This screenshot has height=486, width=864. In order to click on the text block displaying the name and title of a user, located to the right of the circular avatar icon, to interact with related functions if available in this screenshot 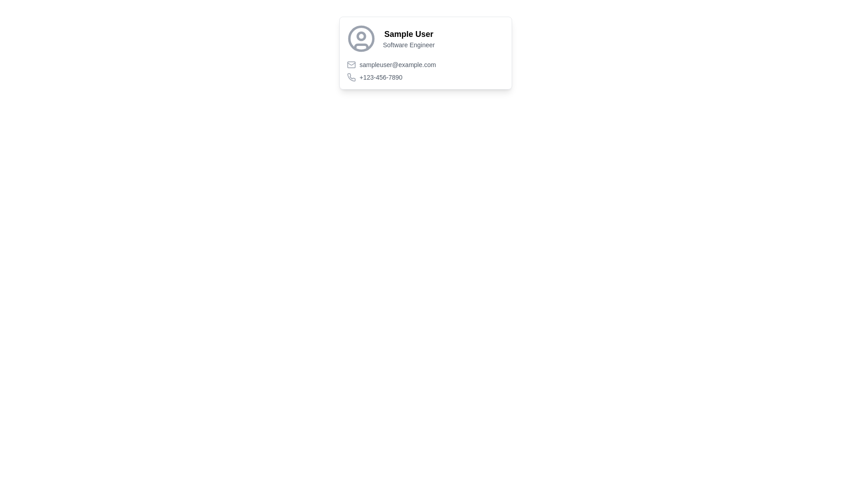, I will do `click(408, 38)`.